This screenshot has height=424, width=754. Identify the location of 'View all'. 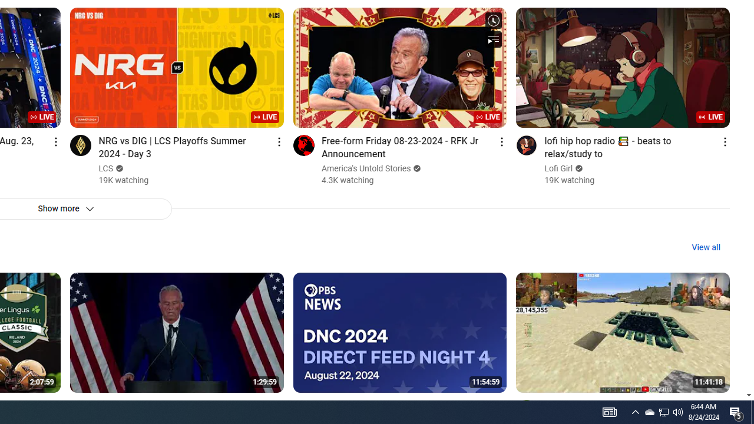
(706, 247).